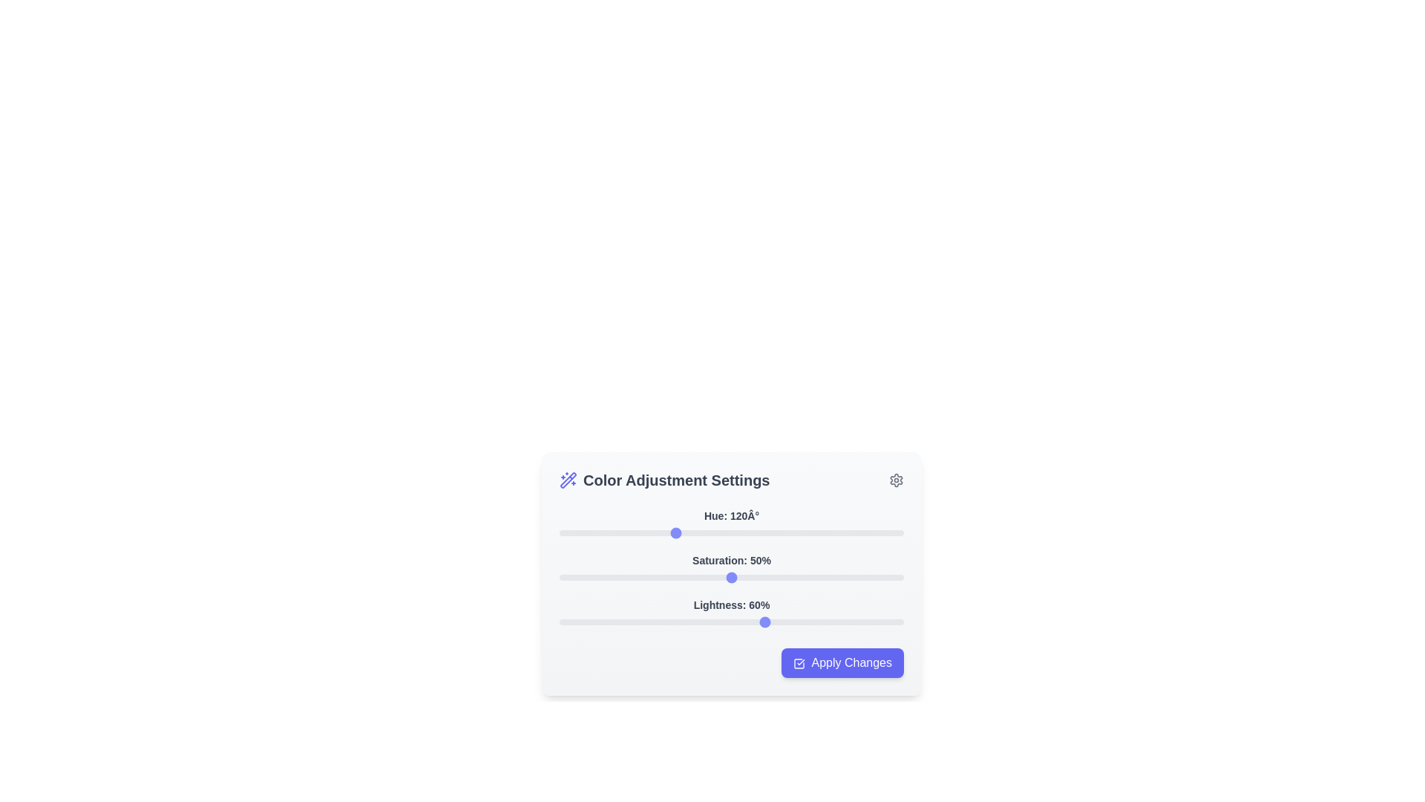  What do you see at coordinates (731, 532) in the screenshot?
I see `the track of the horizontal range slider labeled 'Hue: 120°' to move the thumb along the track` at bounding box center [731, 532].